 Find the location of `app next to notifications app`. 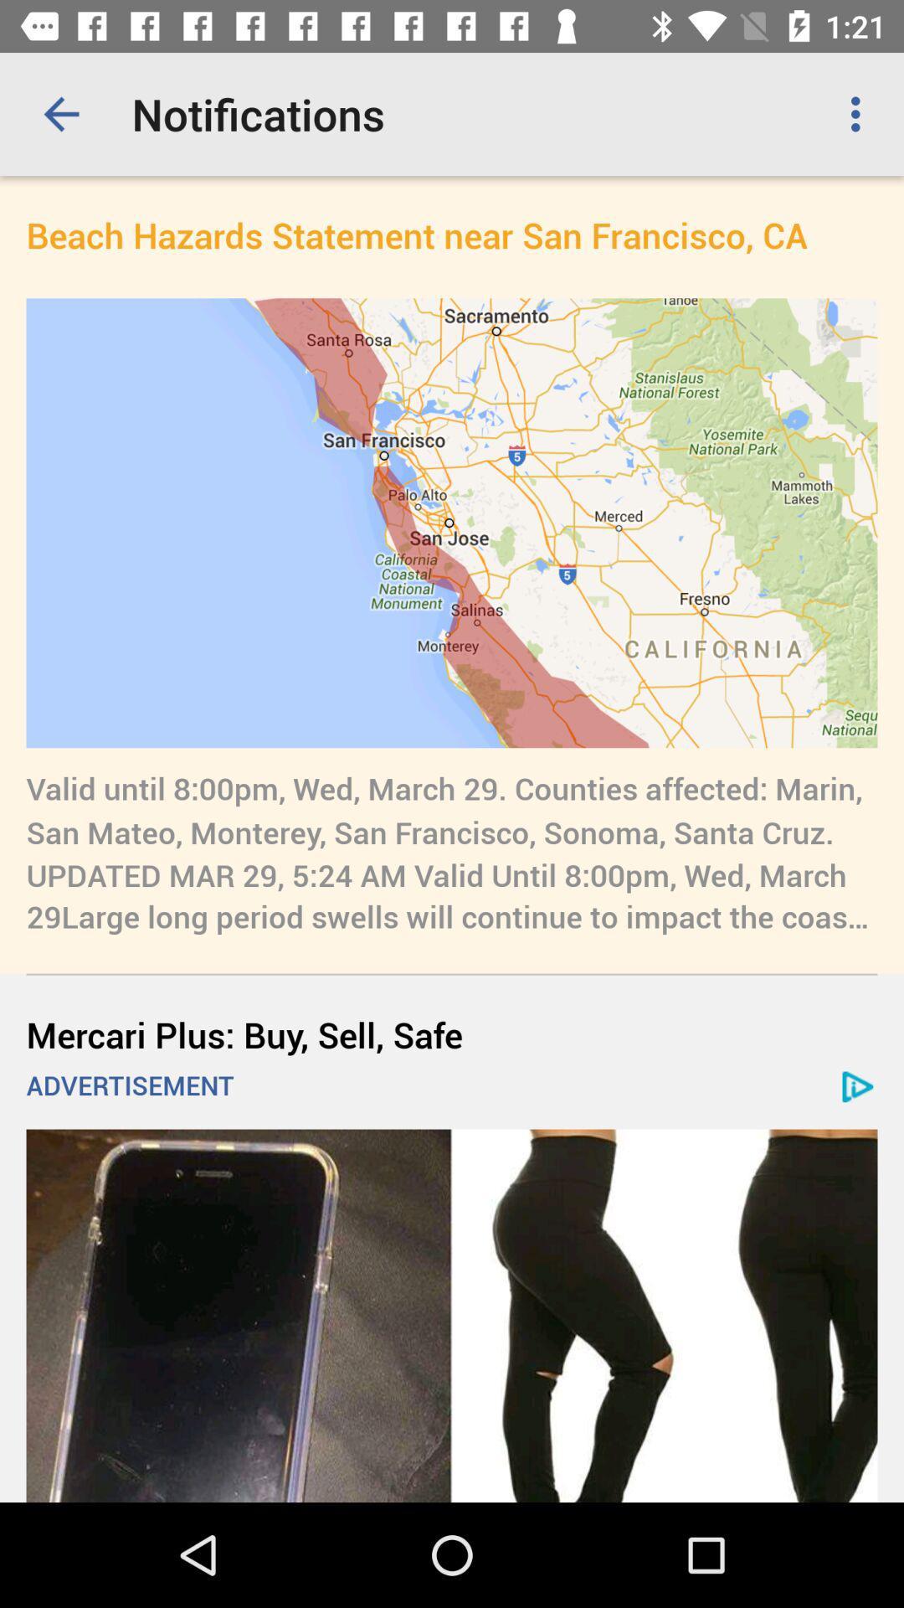

app next to notifications app is located at coordinates (60, 113).